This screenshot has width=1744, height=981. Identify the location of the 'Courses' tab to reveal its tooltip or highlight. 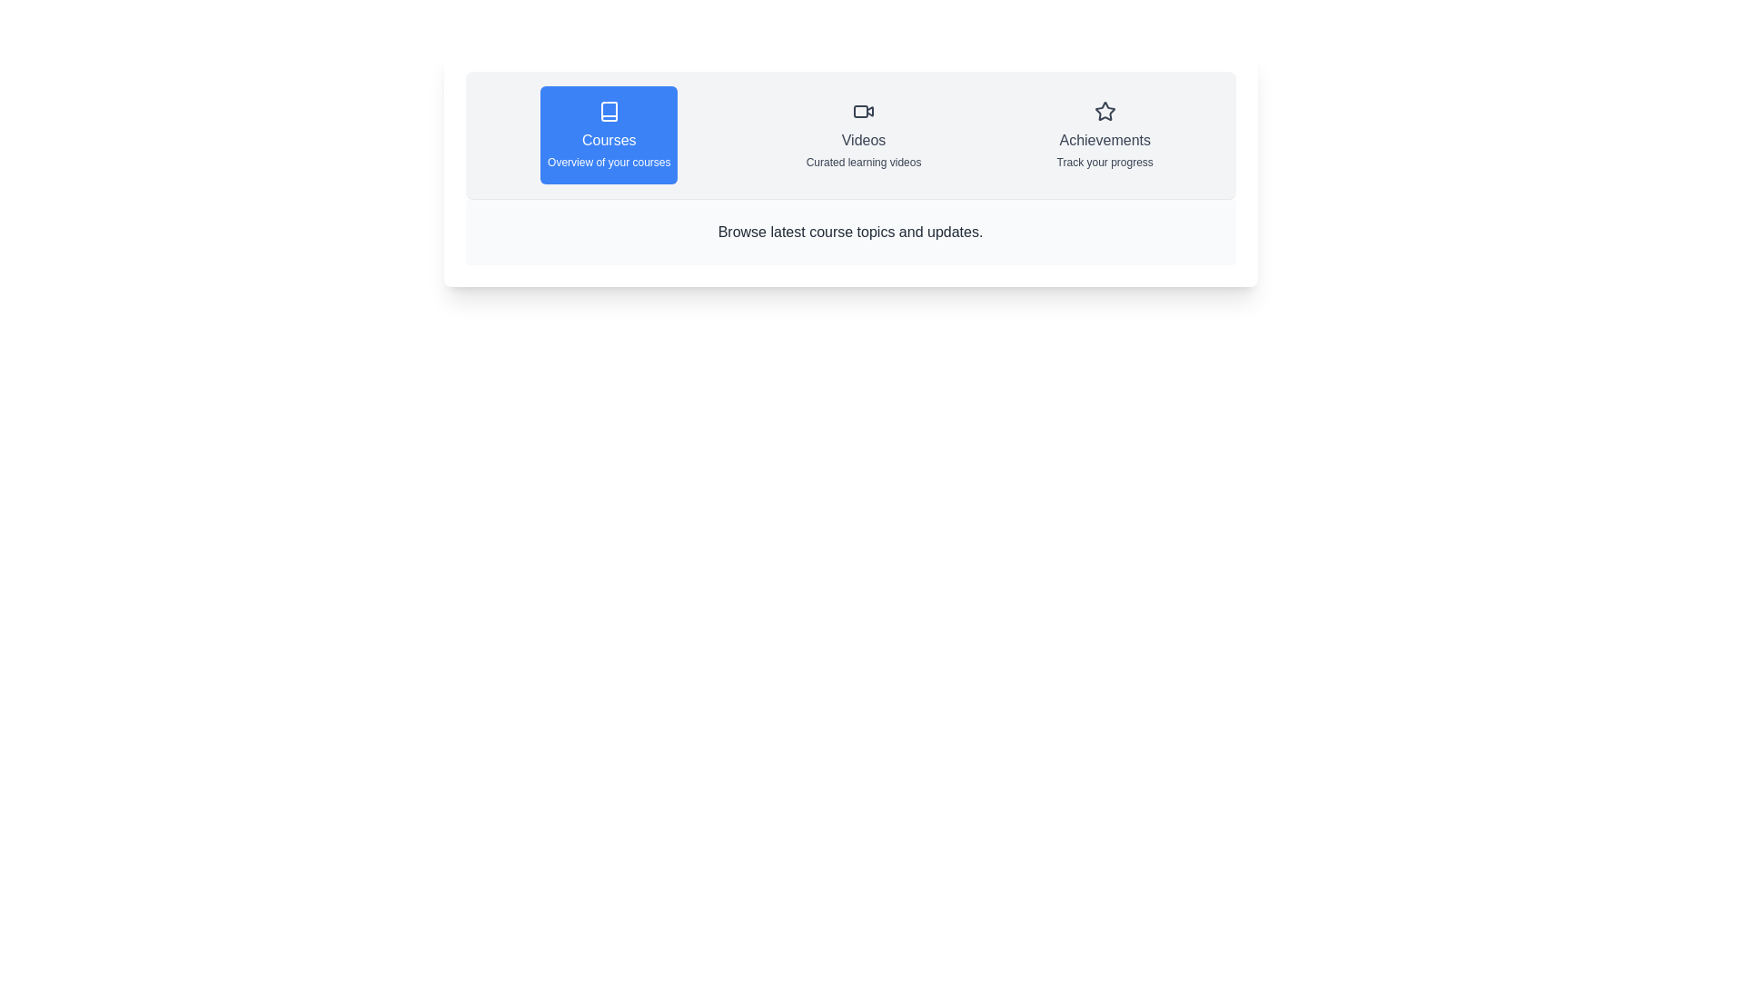
(609, 134).